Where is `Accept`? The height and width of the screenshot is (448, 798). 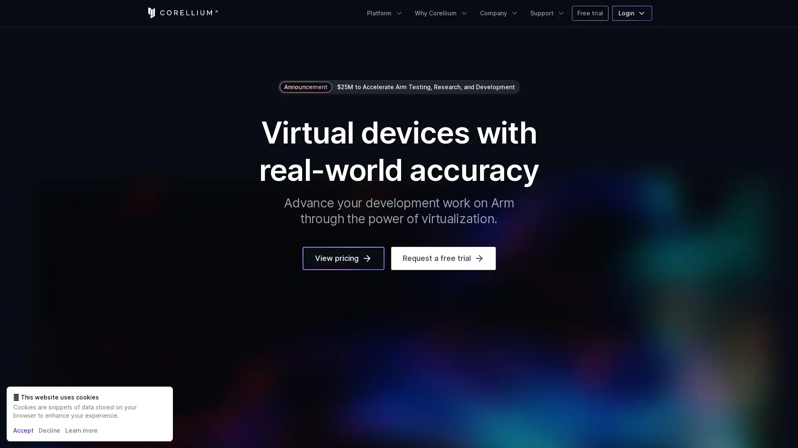 Accept is located at coordinates (23, 430).